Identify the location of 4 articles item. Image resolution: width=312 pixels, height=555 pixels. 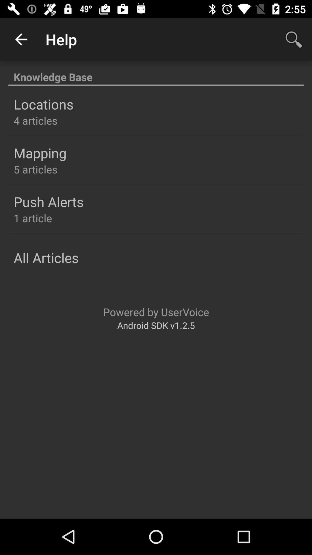
(36, 120).